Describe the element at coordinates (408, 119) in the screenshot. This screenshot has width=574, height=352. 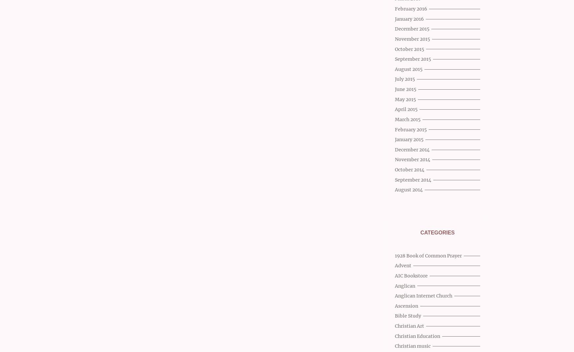
I see `'March 2015'` at that location.